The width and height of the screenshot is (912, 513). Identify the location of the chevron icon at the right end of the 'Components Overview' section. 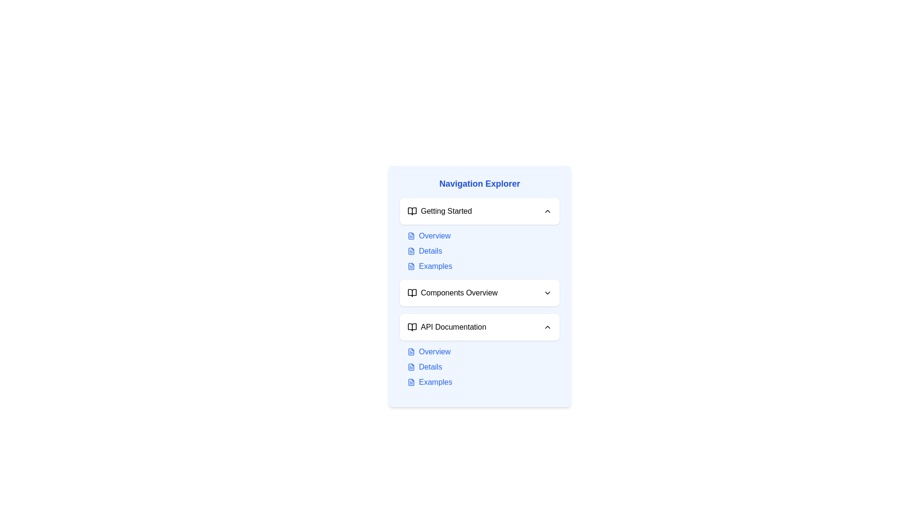
(547, 293).